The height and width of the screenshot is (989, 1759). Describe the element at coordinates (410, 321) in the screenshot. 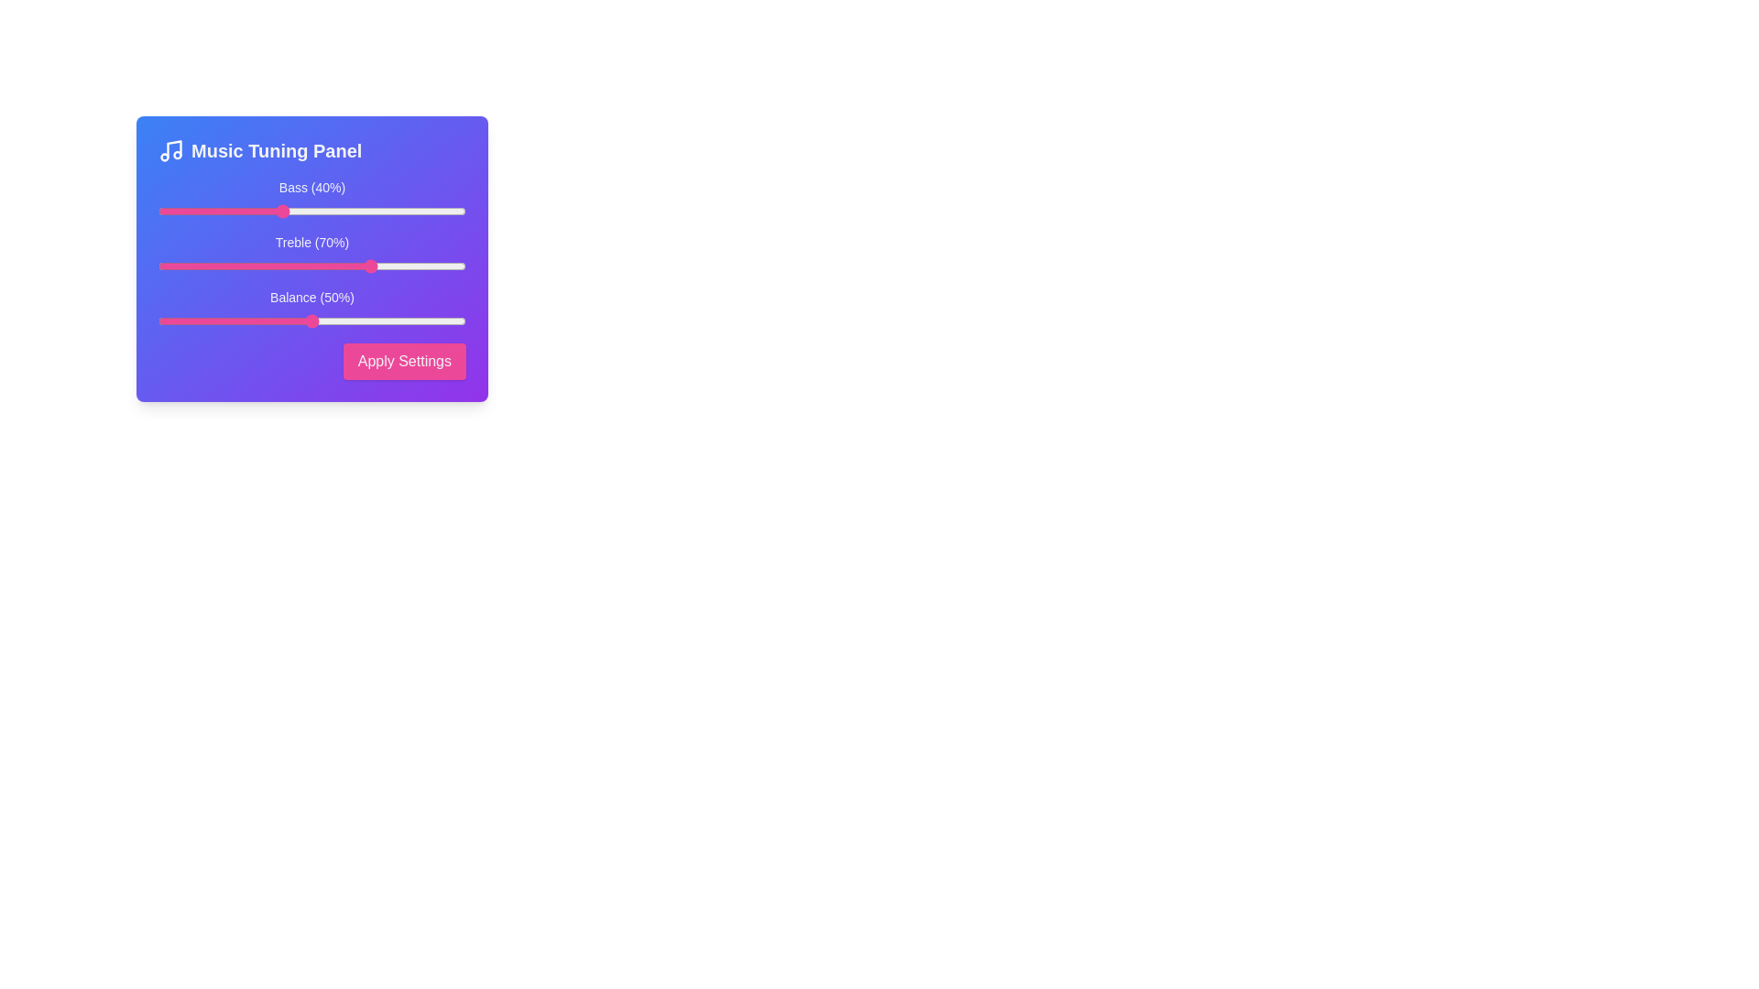

I see `the balance slider to 82%` at that location.